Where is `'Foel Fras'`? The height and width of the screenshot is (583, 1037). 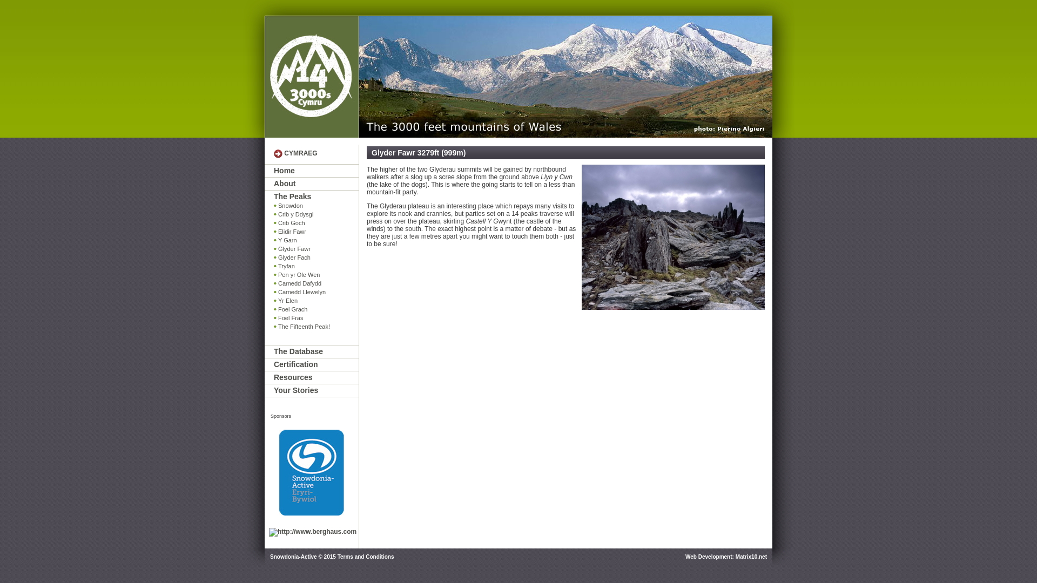
'Foel Fras' is located at coordinates (315, 317).